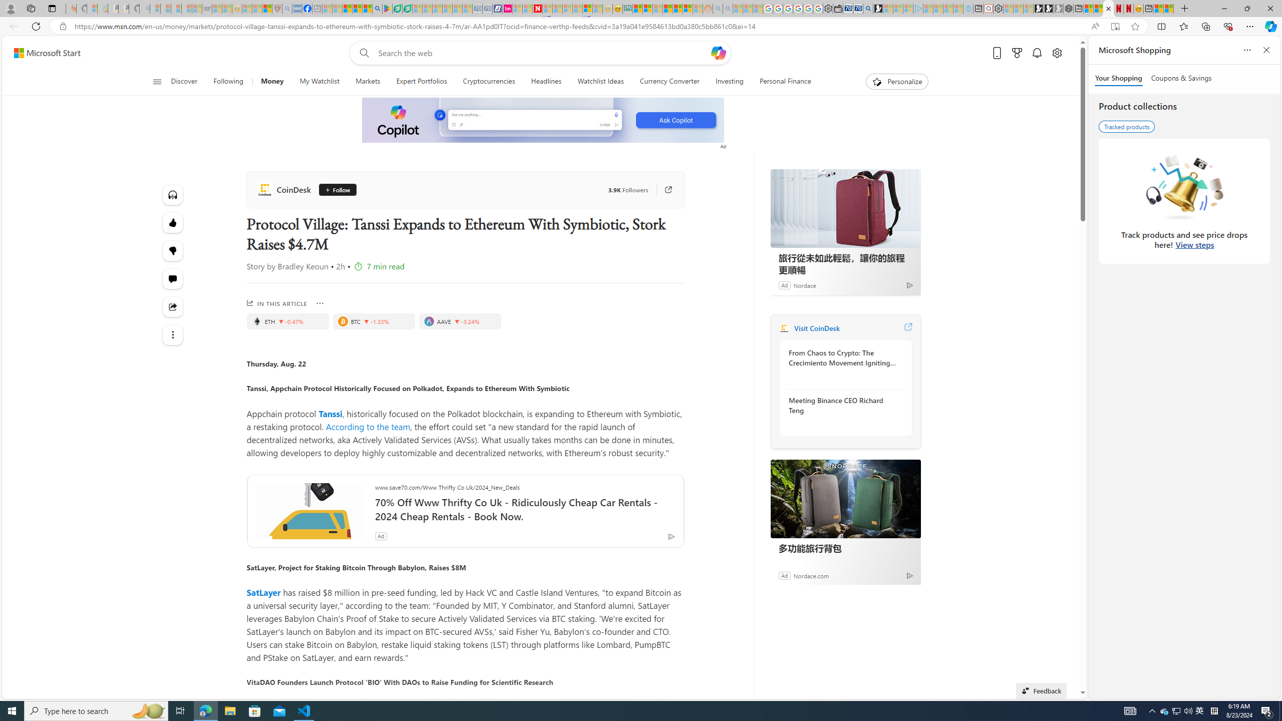  Describe the element at coordinates (810, 575) in the screenshot. I see `'Nordace.com'` at that location.